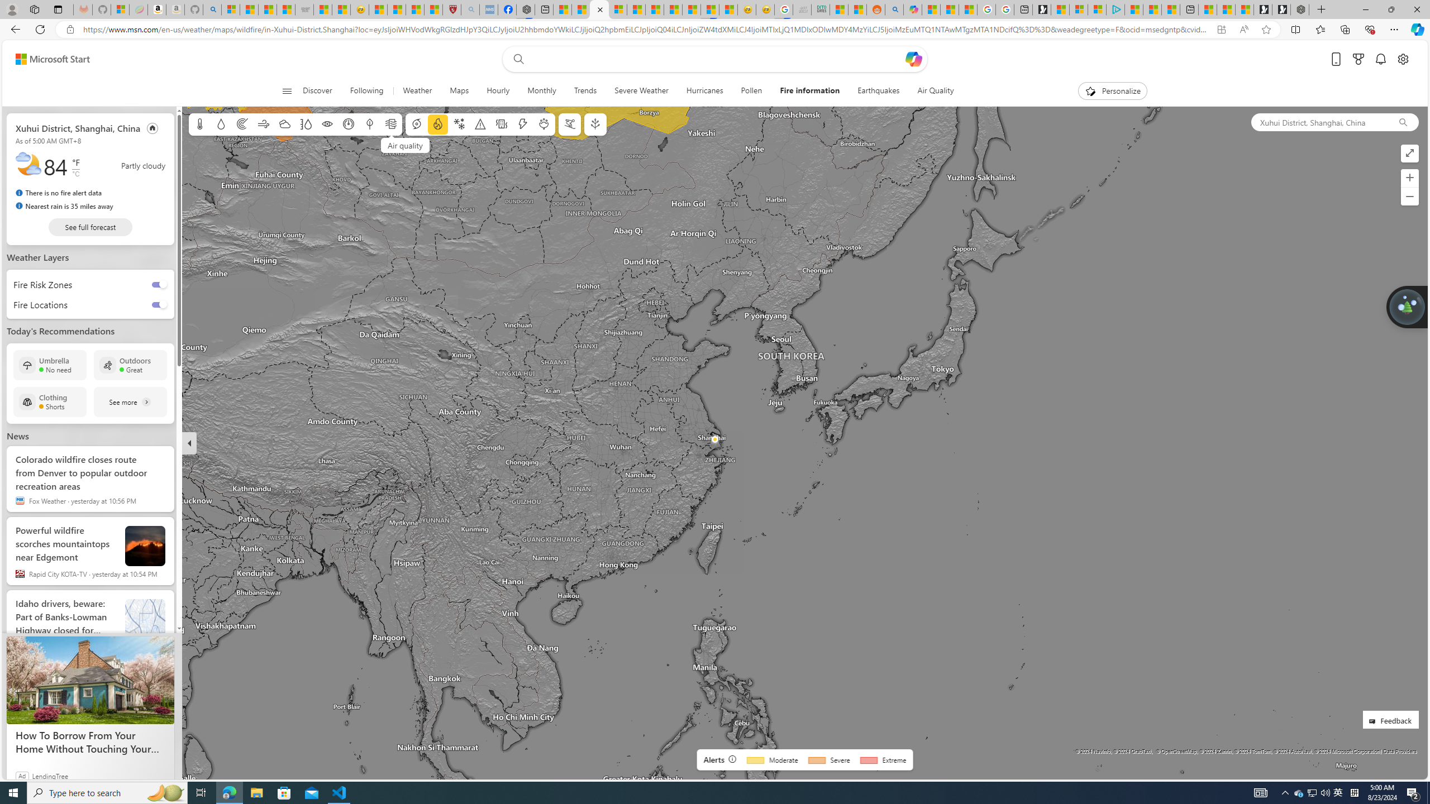 The width and height of the screenshot is (1430, 804). Describe the element at coordinates (1318, 122) in the screenshot. I see `'Xuhui District, Shanghai, China'` at that location.